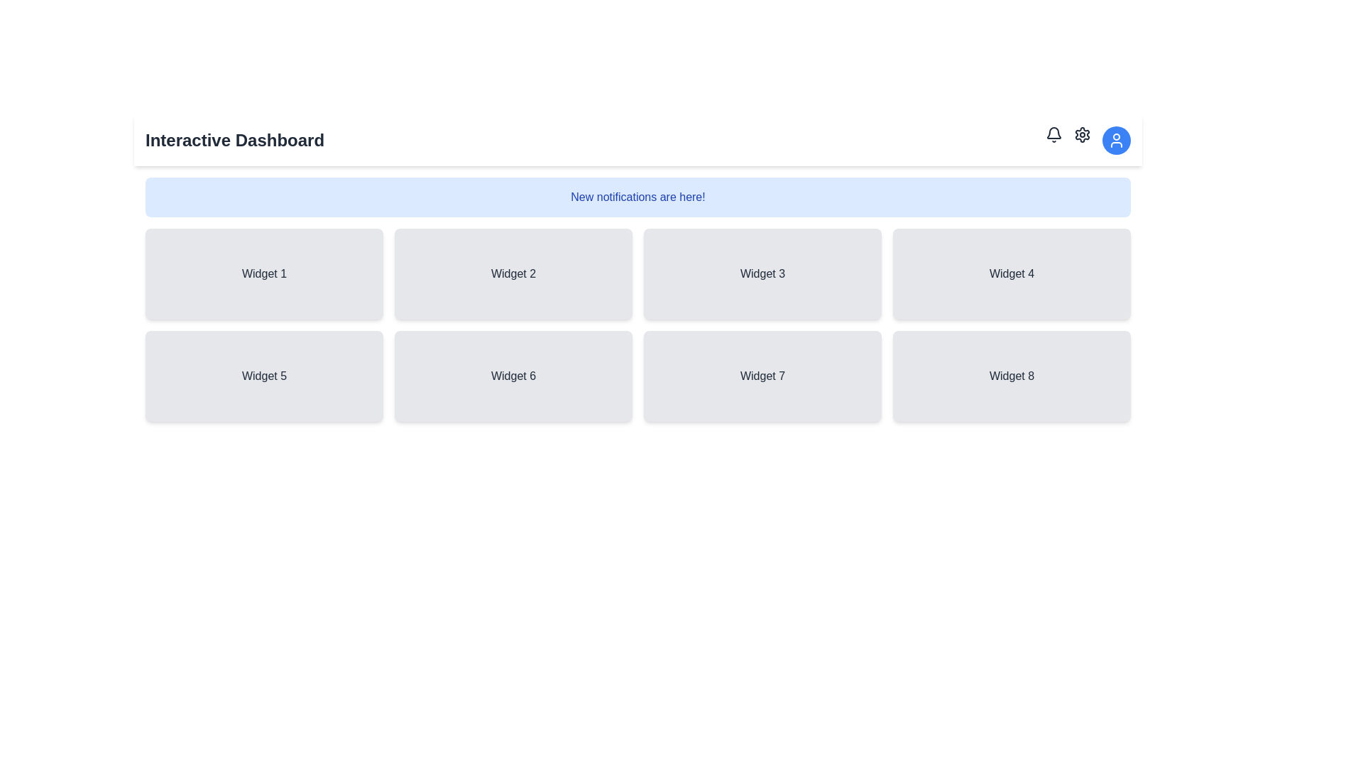  I want to click on the circular blue button with a white user profile icon located on the right side of the header bar, so click(1116, 140).